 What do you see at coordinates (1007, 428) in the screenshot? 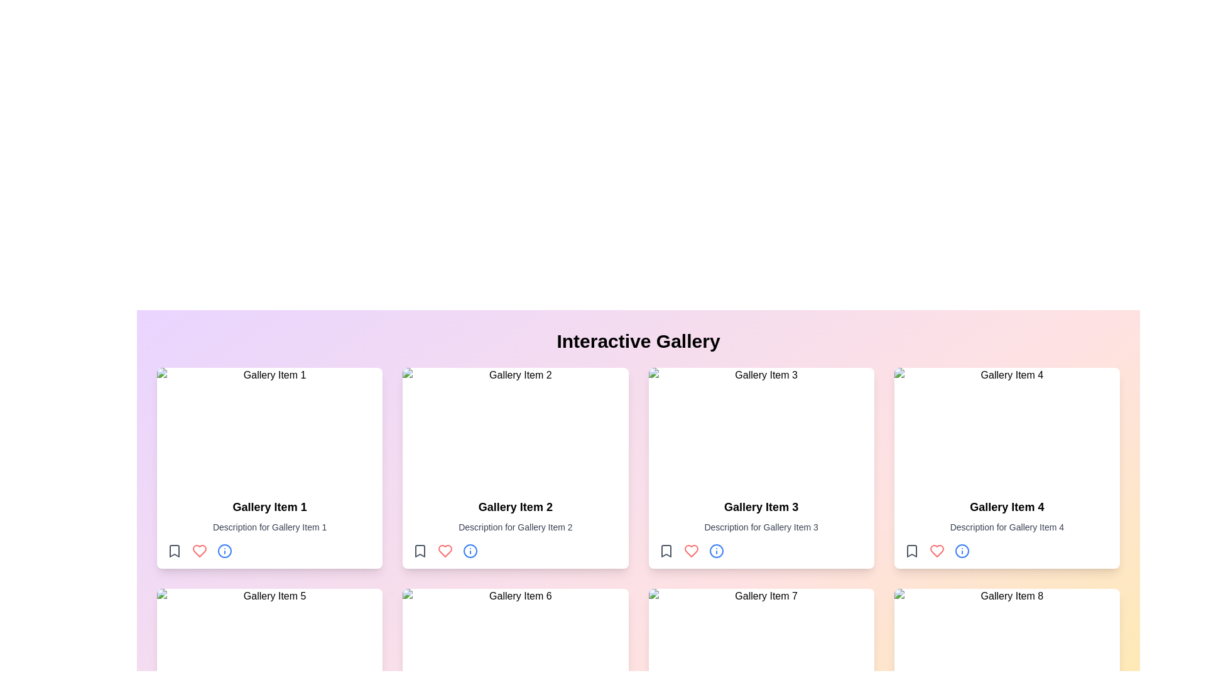
I see `the thumbnail image representing 'Gallery Item 4'` at bounding box center [1007, 428].